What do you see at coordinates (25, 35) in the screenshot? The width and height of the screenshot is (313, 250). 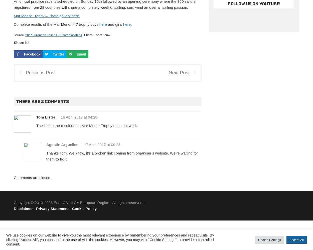 I see `'2017 European Laser 4.7 Championships'` at bounding box center [25, 35].